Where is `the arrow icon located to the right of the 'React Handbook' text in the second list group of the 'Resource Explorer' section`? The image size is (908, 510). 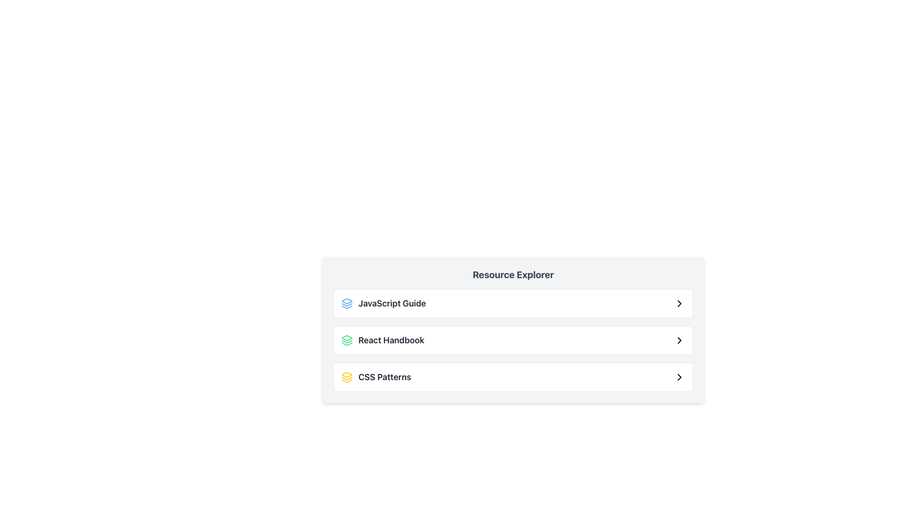
the arrow icon located to the right of the 'React Handbook' text in the second list group of the 'Resource Explorer' section is located at coordinates (679, 340).